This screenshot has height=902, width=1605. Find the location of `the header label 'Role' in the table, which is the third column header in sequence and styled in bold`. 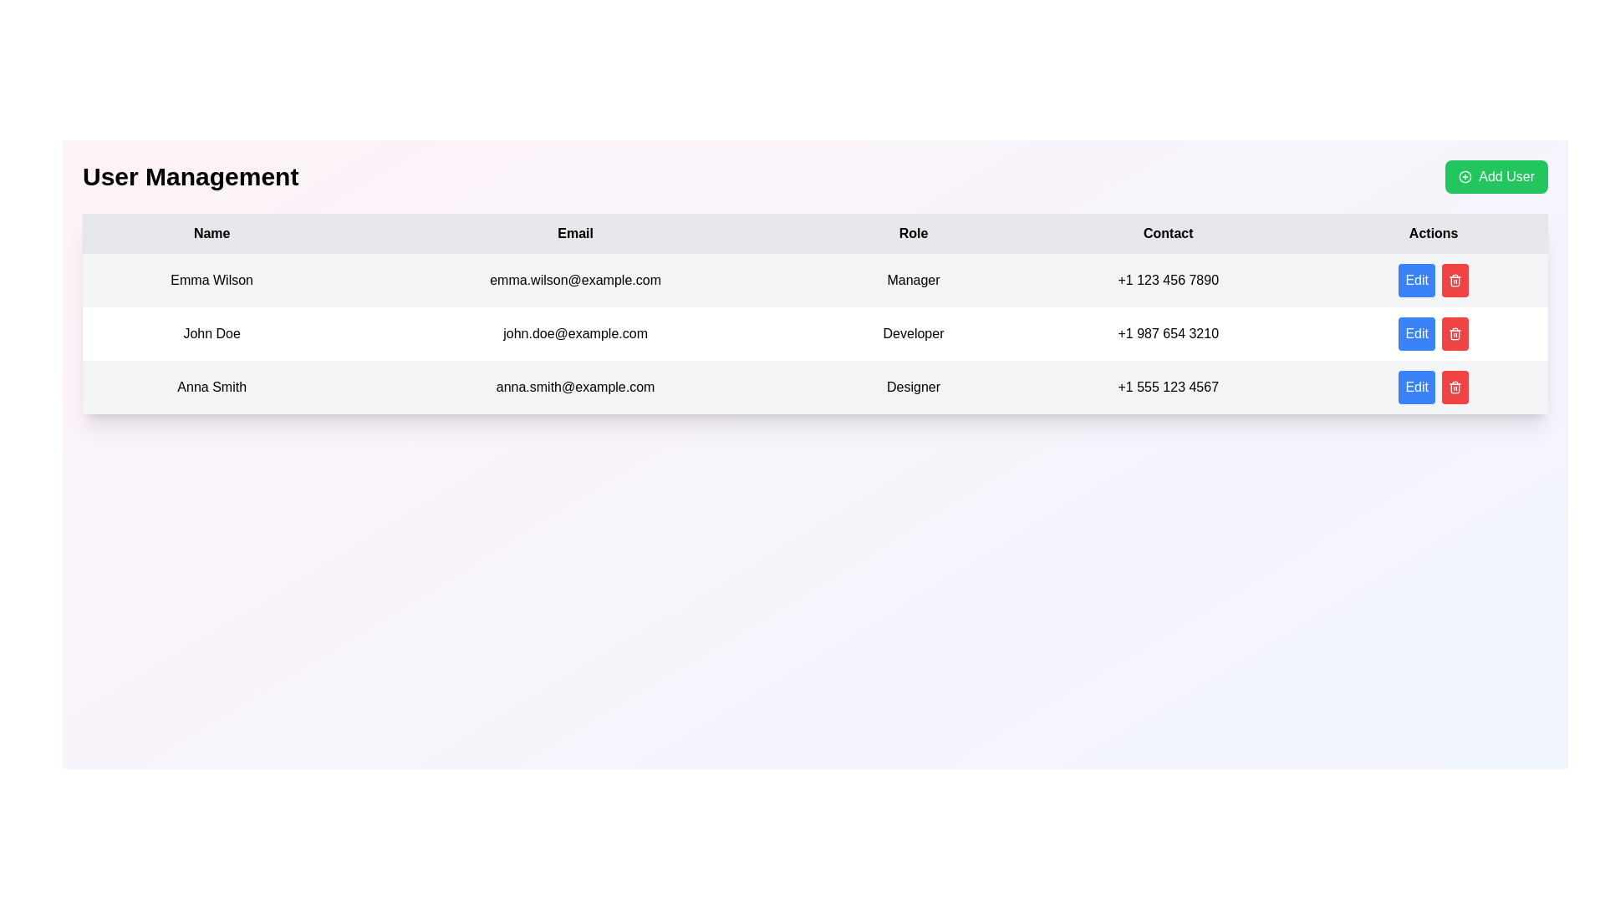

the header label 'Role' in the table, which is the third column header in sequence and styled in bold is located at coordinates (913, 234).